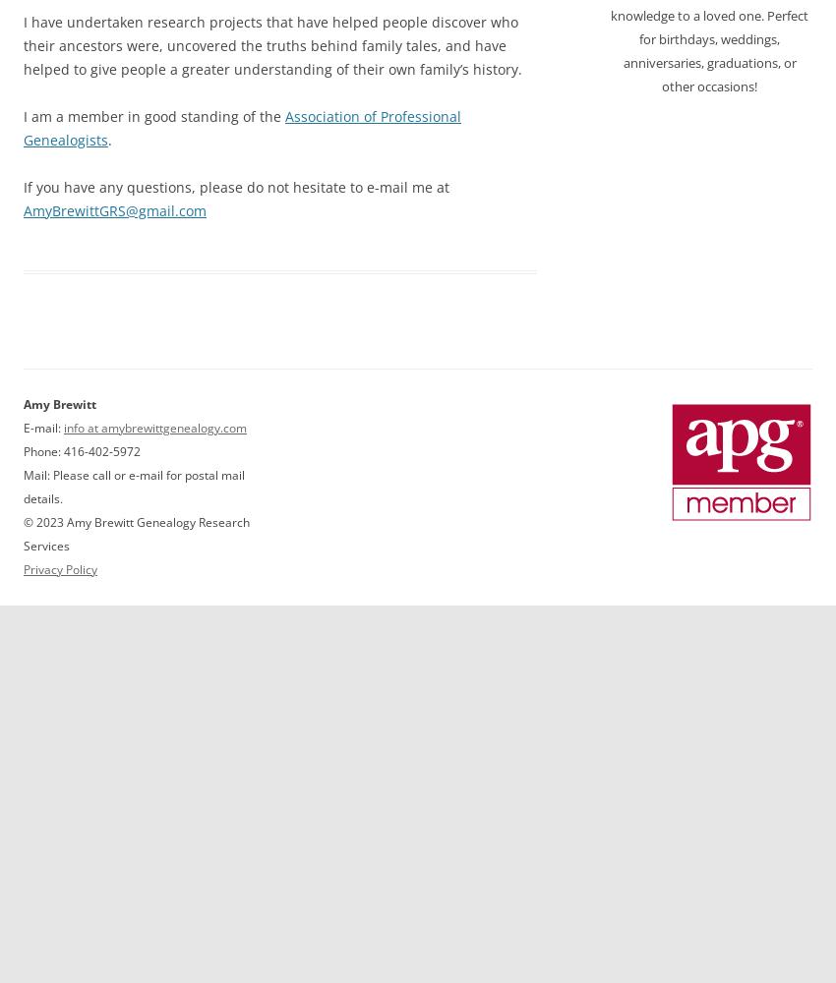 The width and height of the screenshot is (836, 983). I want to click on 'Amy Brewitt', so click(60, 403).